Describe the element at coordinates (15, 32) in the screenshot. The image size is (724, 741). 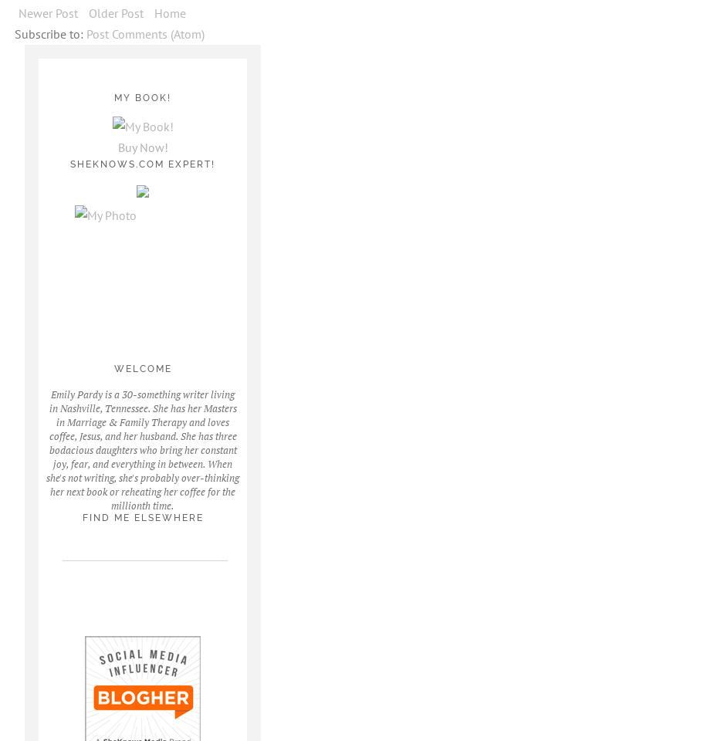
I see `'Subscribe to:'` at that location.